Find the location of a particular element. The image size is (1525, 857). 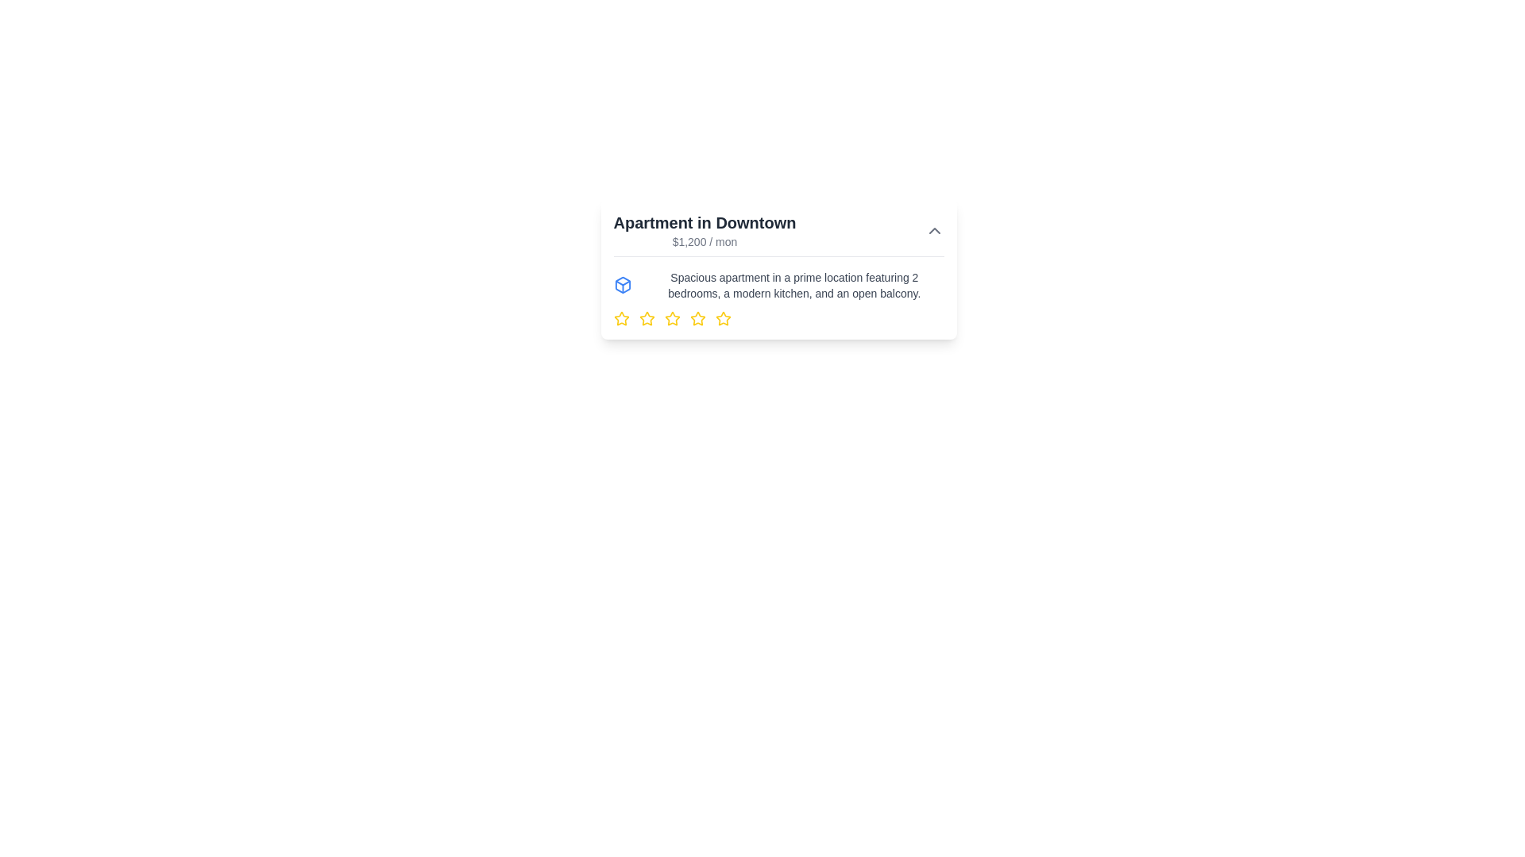

the blue 3D box-shaped SVG graphic icon located to the left of the apartment listing description is located at coordinates (622, 284).